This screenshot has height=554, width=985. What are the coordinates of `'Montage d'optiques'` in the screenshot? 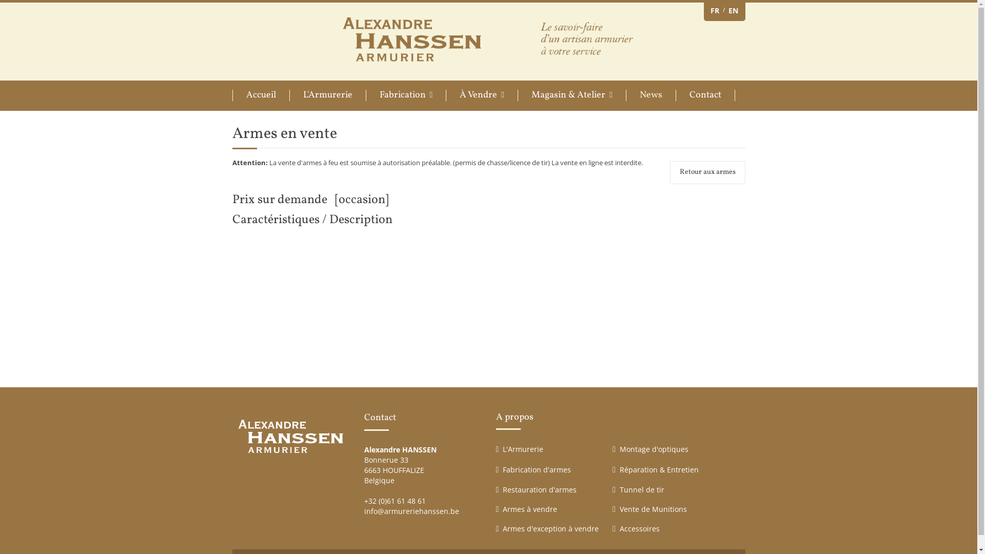 It's located at (654, 448).